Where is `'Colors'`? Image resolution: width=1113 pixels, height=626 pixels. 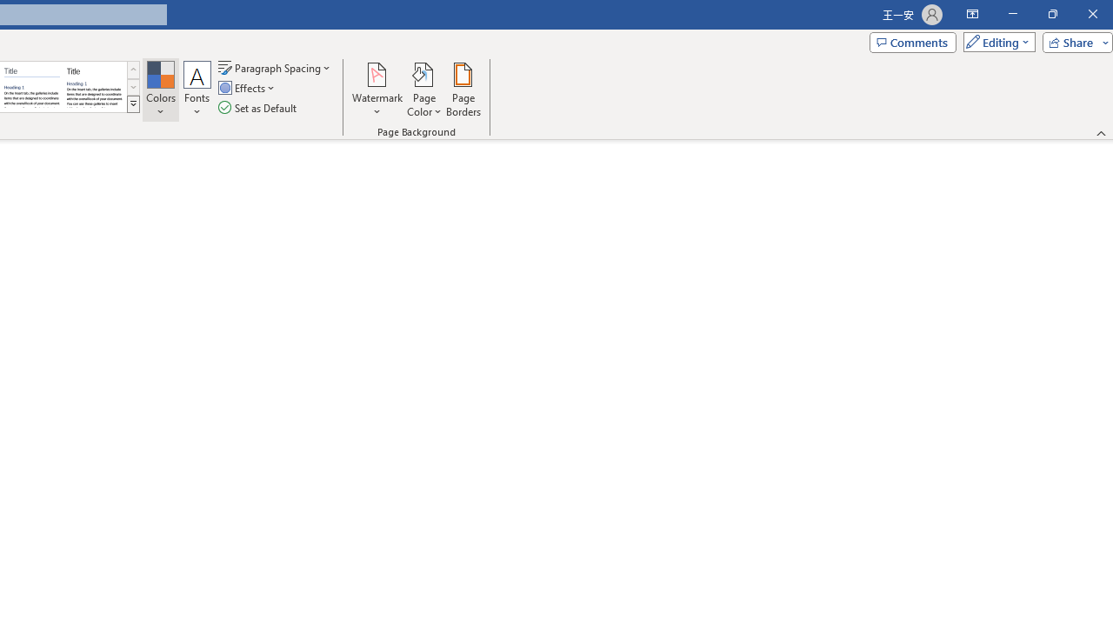 'Colors' is located at coordinates (160, 90).